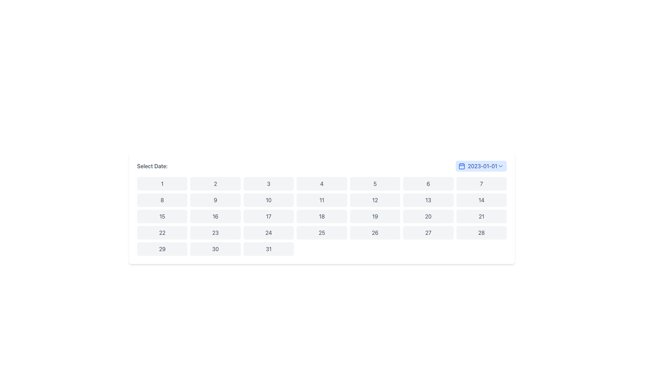 The height and width of the screenshot is (367, 653). What do you see at coordinates (481, 183) in the screenshot?
I see `the button displaying the number '7' which has a gray background and black text` at bounding box center [481, 183].